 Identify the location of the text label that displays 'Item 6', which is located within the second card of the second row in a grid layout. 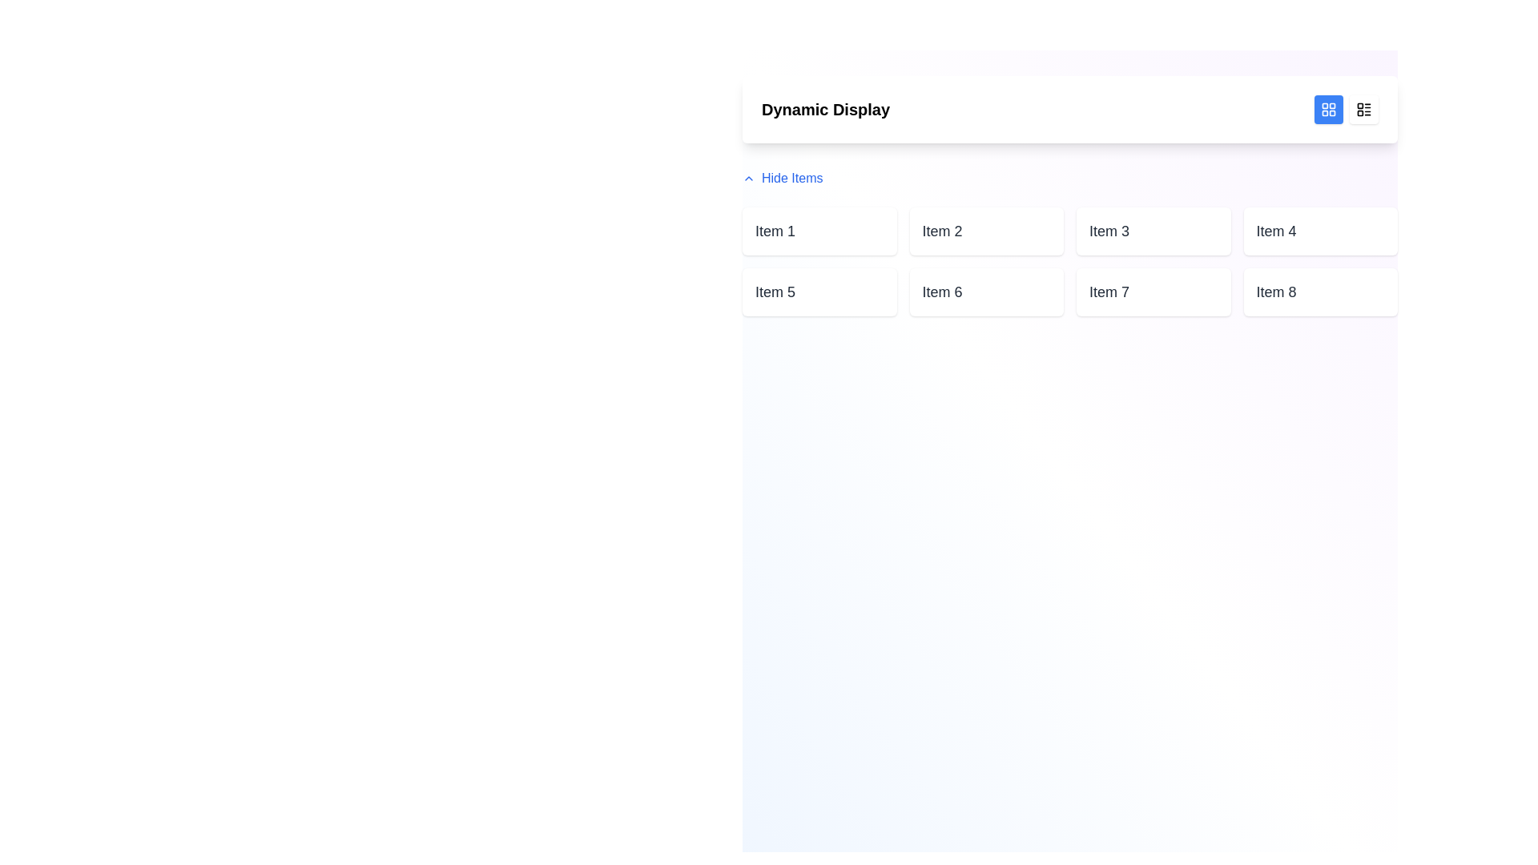
(942, 292).